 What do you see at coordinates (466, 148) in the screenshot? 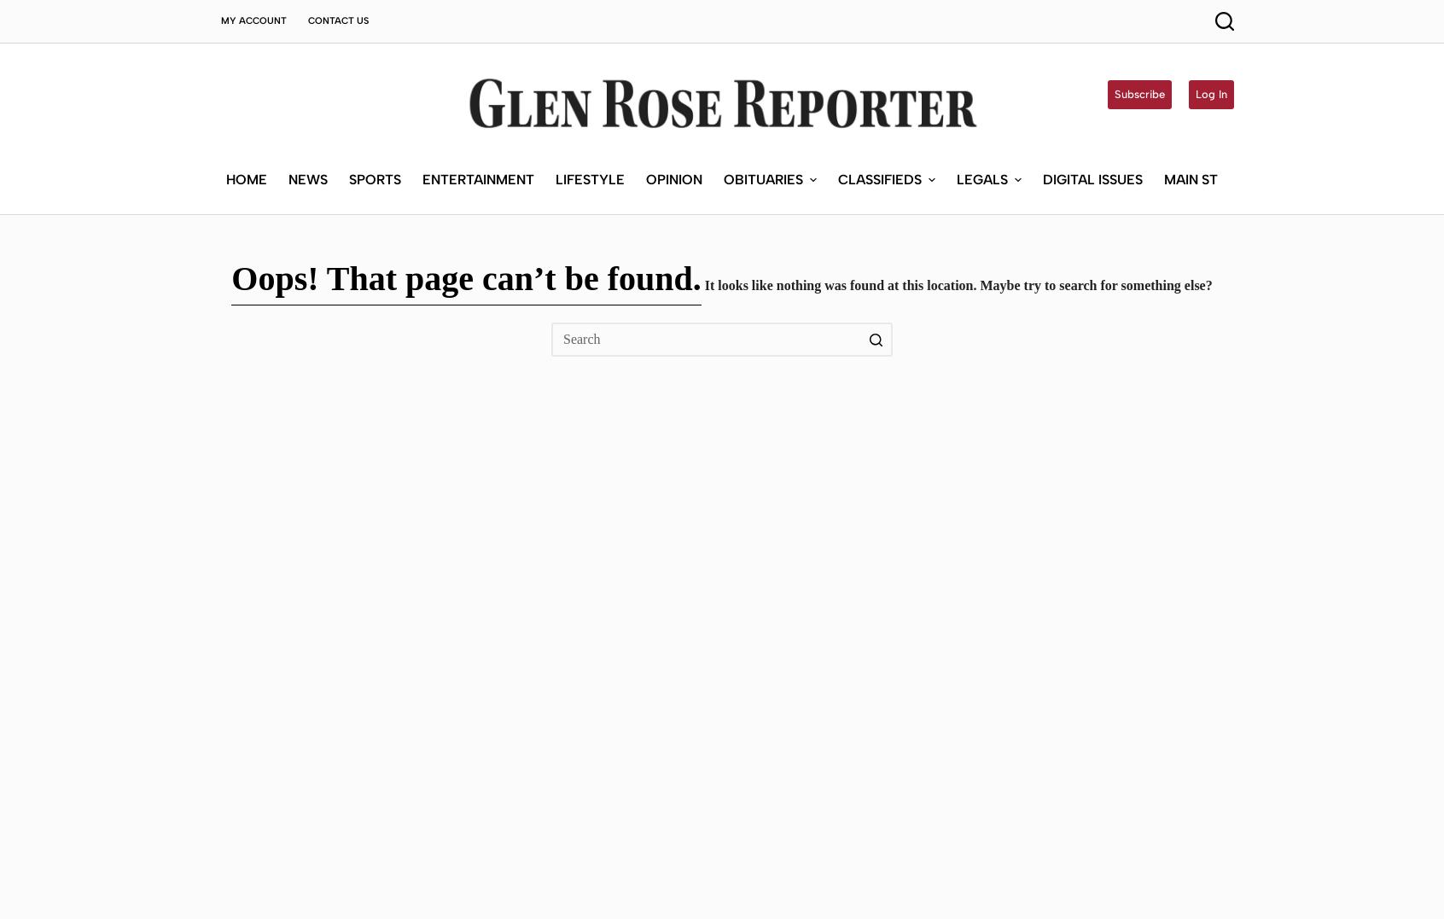
I see `'Oops! That page can’t be found.'` at bounding box center [466, 148].